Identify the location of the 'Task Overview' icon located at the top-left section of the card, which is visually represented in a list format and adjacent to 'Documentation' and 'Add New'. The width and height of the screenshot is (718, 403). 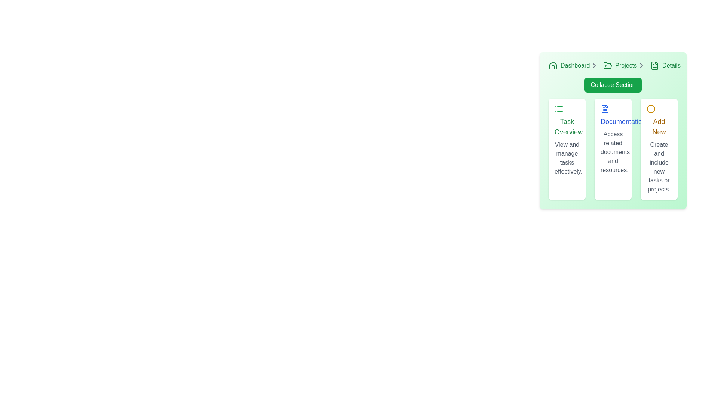
(559, 109).